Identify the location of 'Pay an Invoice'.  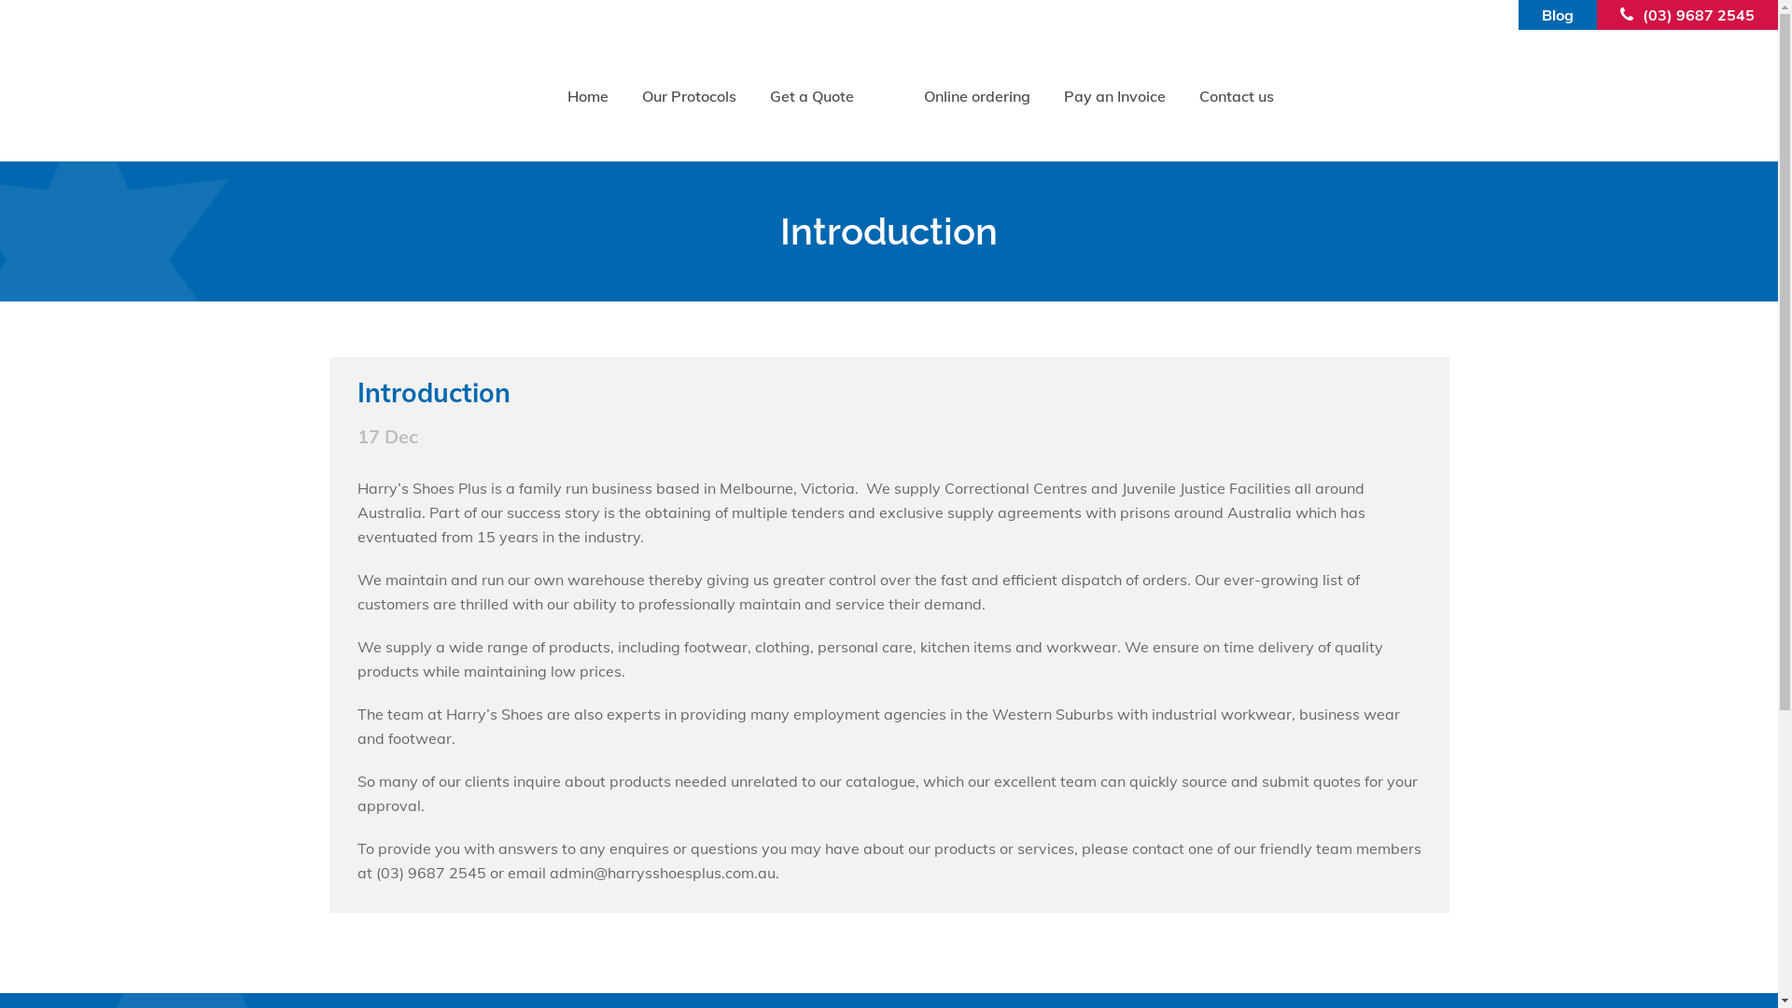
(1114, 96).